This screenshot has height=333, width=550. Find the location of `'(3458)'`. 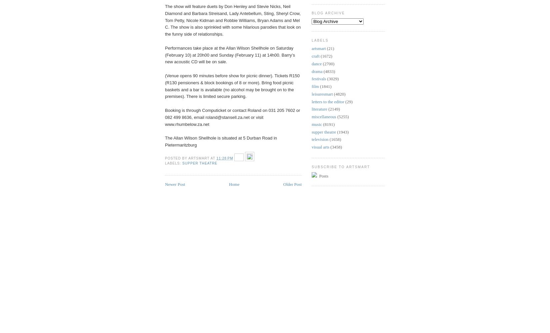

'(3458)' is located at coordinates (330, 147).